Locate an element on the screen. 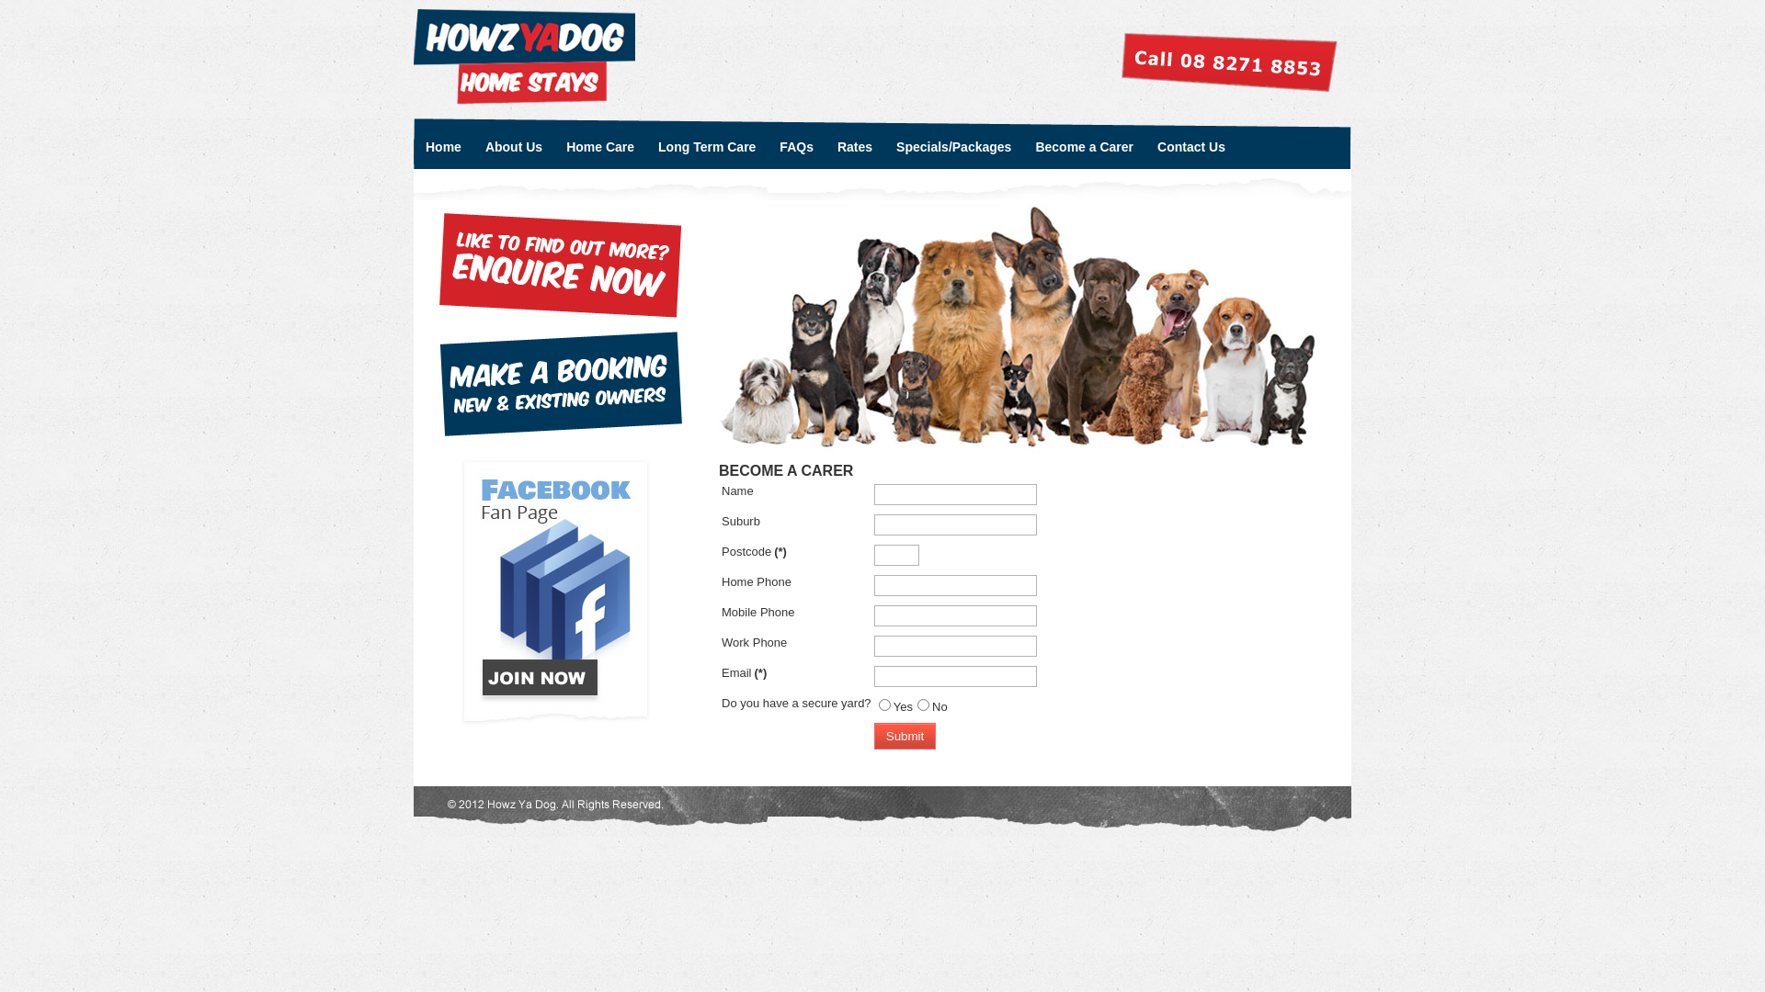  'Submit' is located at coordinates (905, 735).